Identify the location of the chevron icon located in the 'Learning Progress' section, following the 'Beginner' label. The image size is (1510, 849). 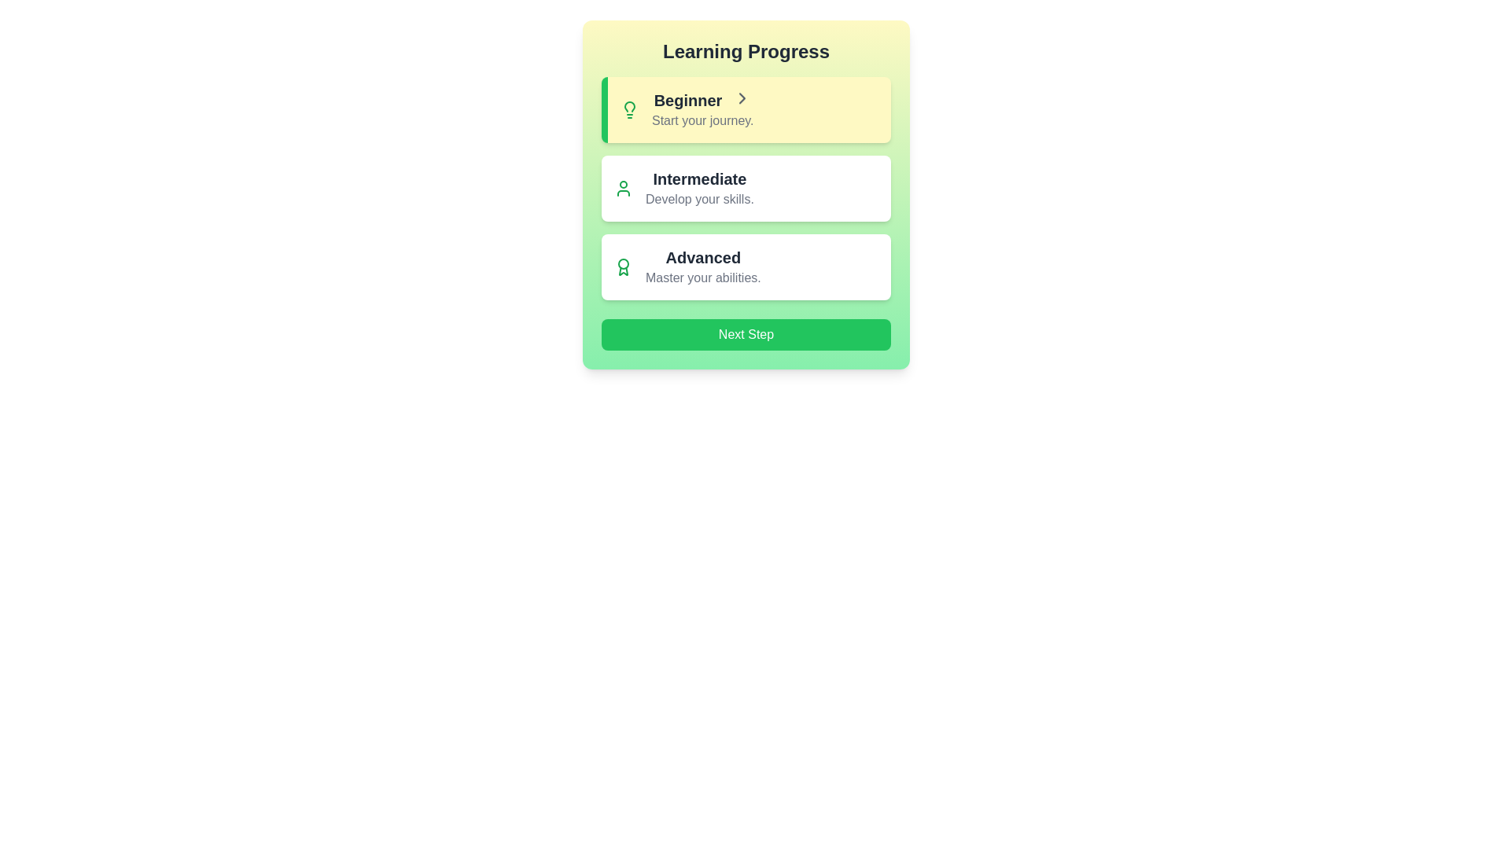
(741, 100).